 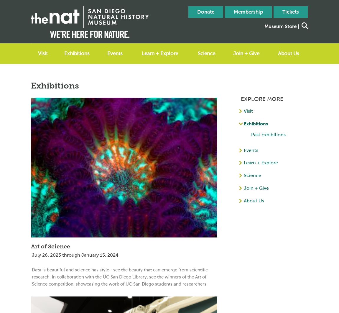 I want to click on 'Hours and Admission', so click(x=58, y=65).